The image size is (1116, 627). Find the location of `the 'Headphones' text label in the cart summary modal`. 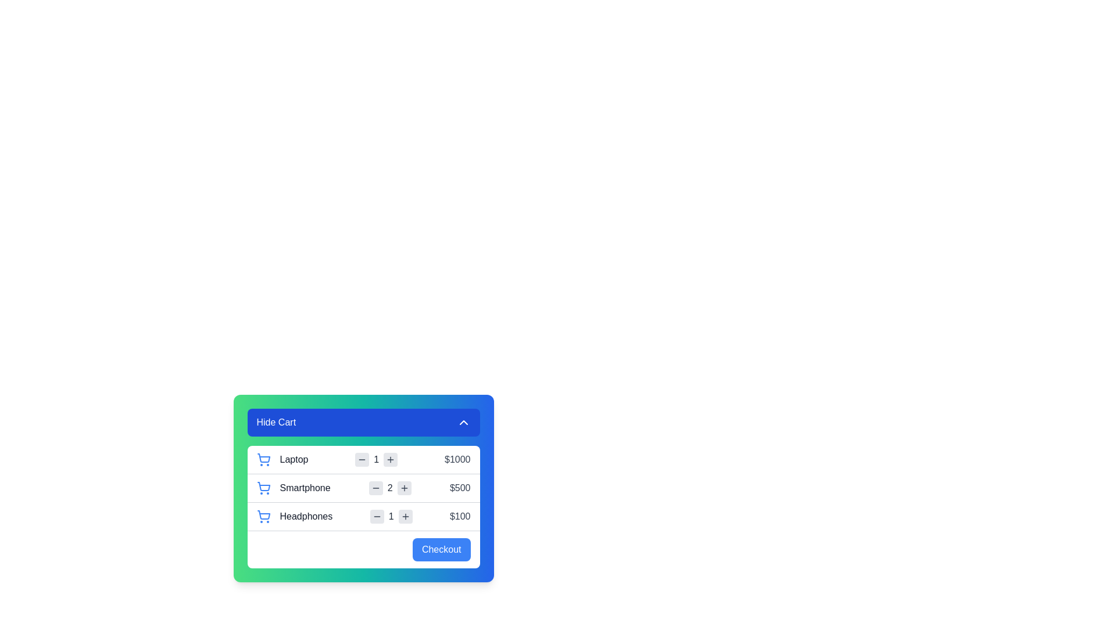

the 'Headphones' text label in the cart summary modal is located at coordinates (306, 516).